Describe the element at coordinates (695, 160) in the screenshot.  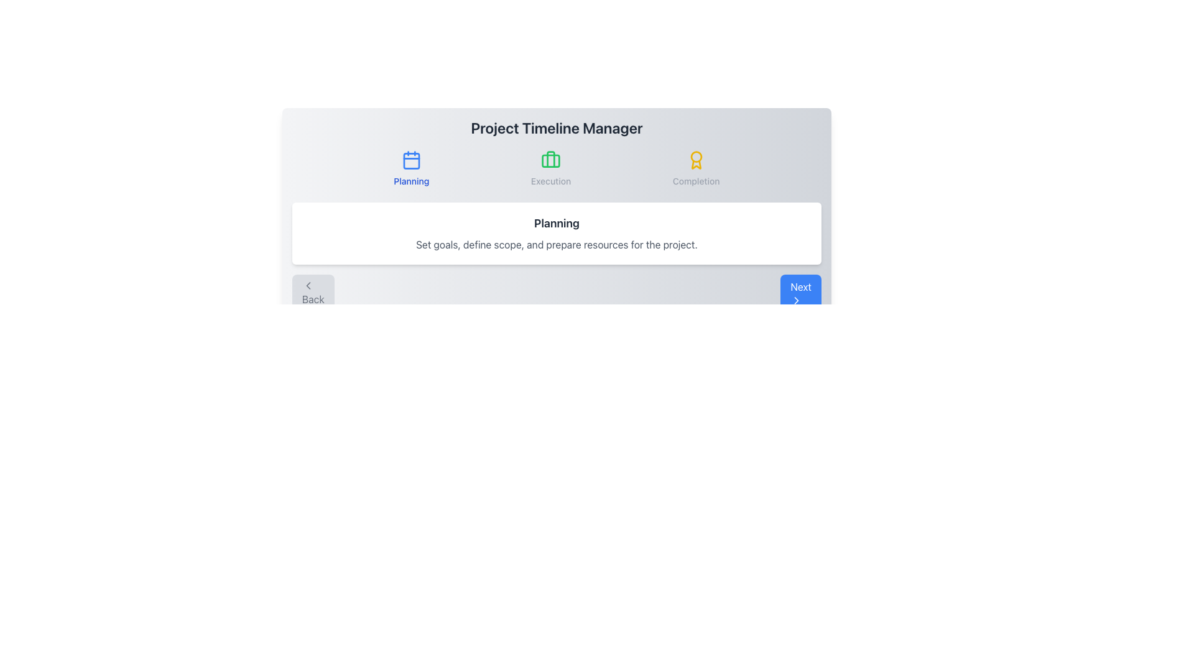
I see `the Decorative Icon (SVG) that represents the 'Completion' stage of the 'Project Timeline Manager' header` at that location.